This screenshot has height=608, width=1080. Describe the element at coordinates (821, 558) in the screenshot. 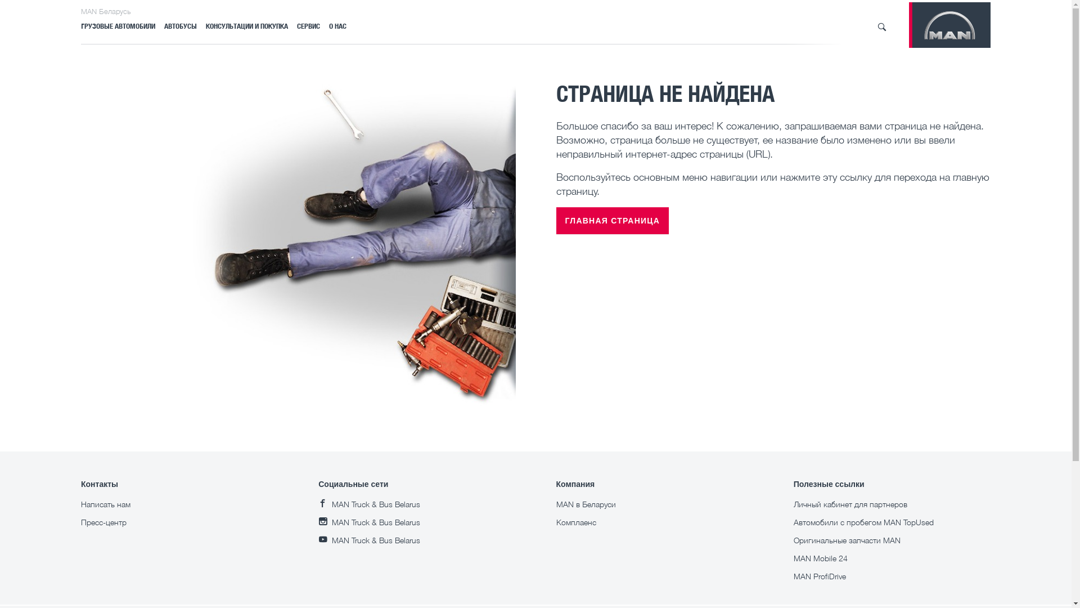

I see `'MAN Mobile 24'` at that location.